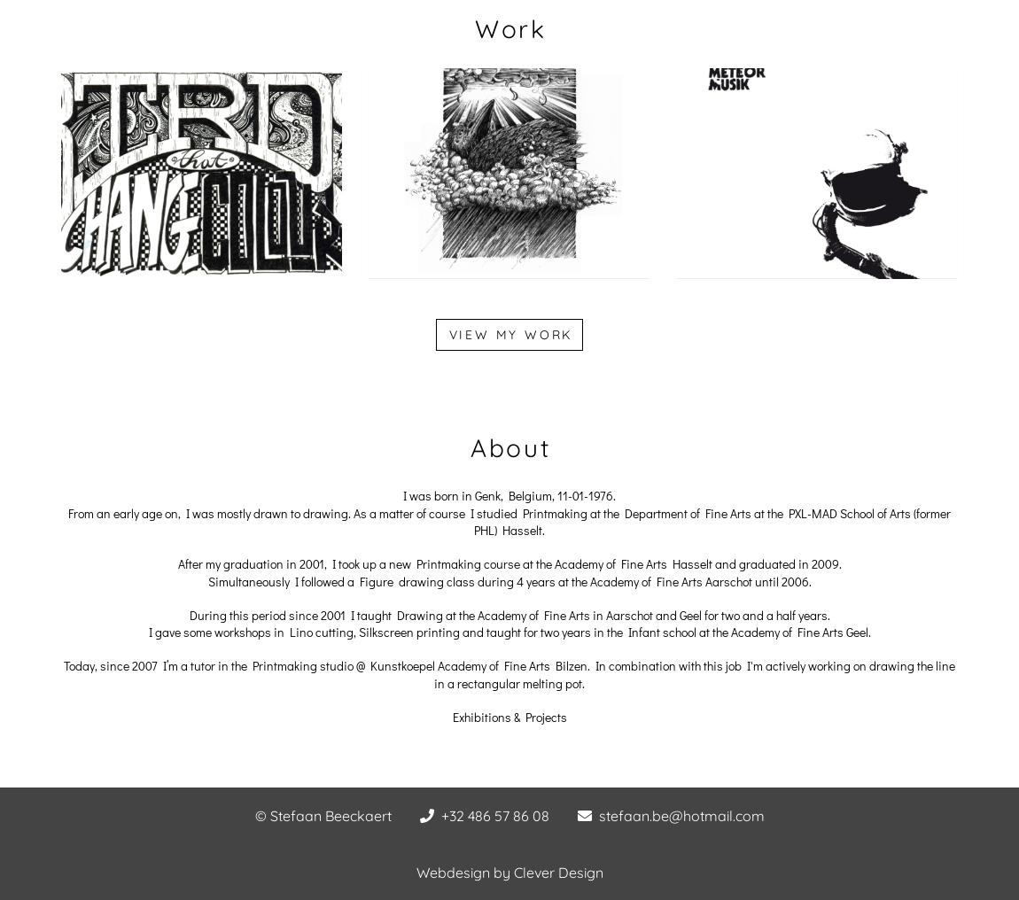 The height and width of the screenshot is (900, 1019). What do you see at coordinates (400, 138) in the screenshot?
I see `'Confessions Of A Dangerous Mind'` at bounding box center [400, 138].